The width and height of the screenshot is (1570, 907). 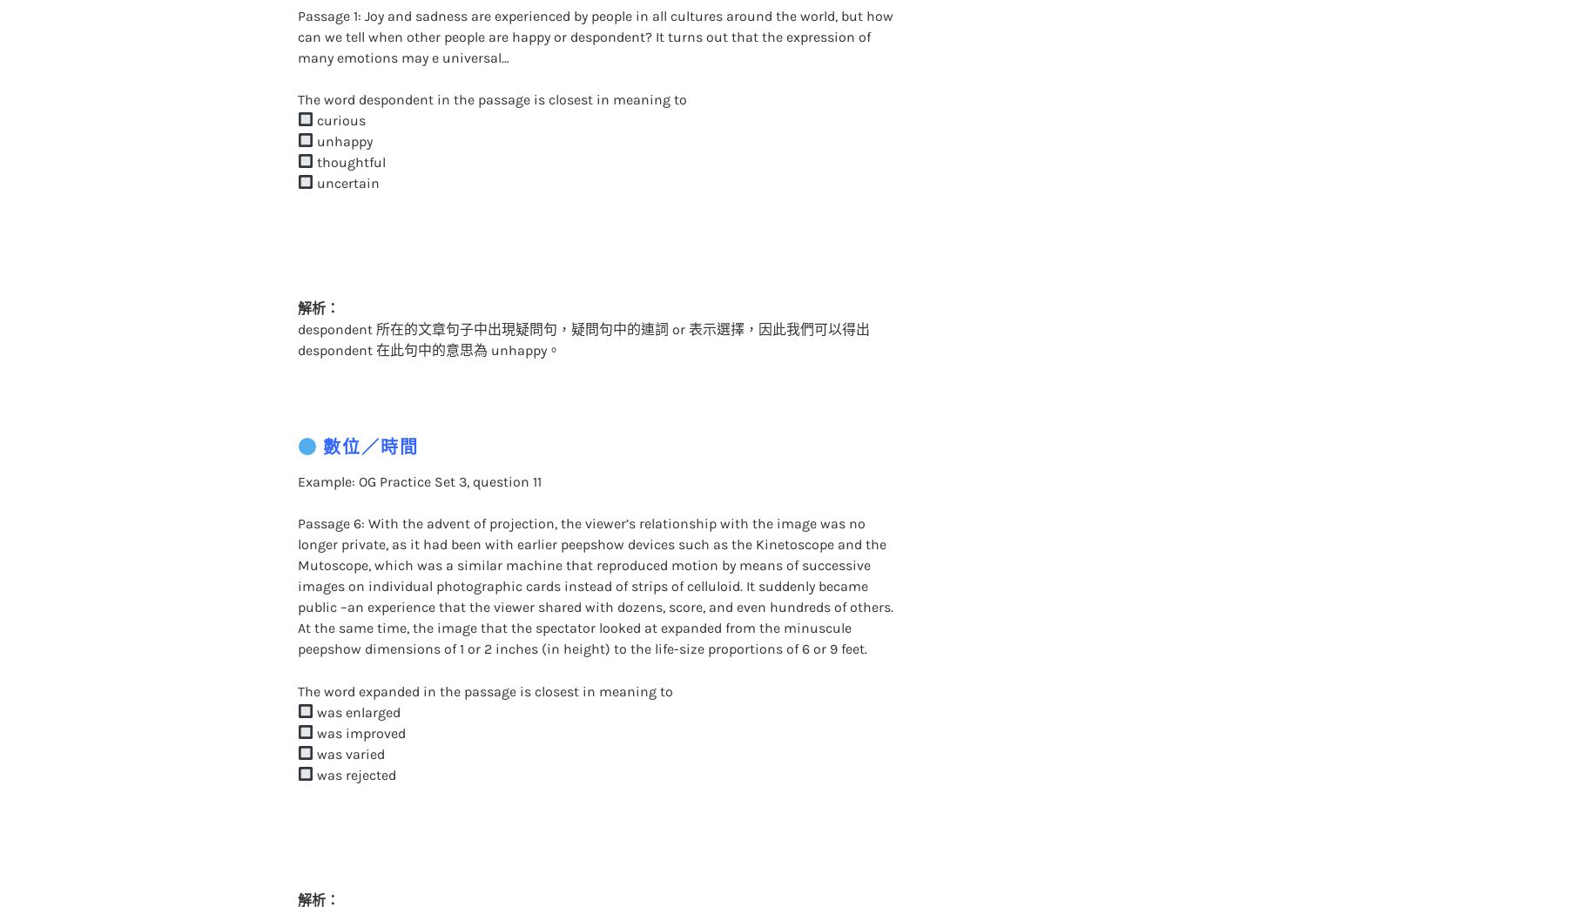 What do you see at coordinates (582, 303) in the screenshot?
I see `'despondent 所在的文章句子中出現疑問句，疑問句中的連詞 or 表示選擇，因此我們可以得出 despondent 在此句中的意思為 unhappy。'` at bounding box center [582, 303].